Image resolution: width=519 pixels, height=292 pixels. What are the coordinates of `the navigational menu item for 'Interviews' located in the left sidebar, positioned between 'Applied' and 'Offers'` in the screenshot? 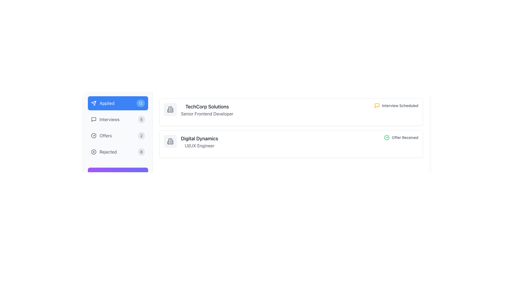 It's located at (105, 119).